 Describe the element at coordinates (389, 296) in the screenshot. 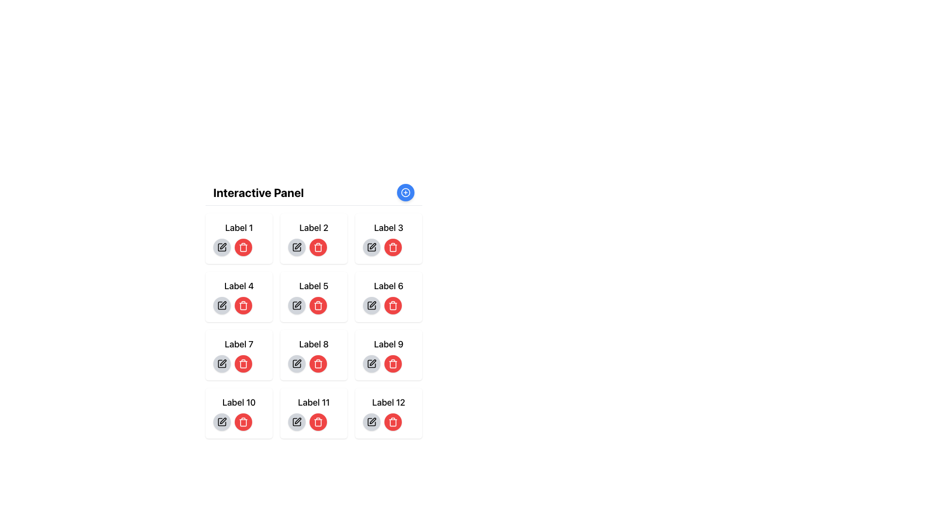

I see `the circular red button with a white trash can icon located below 'Label 6'` at that location.